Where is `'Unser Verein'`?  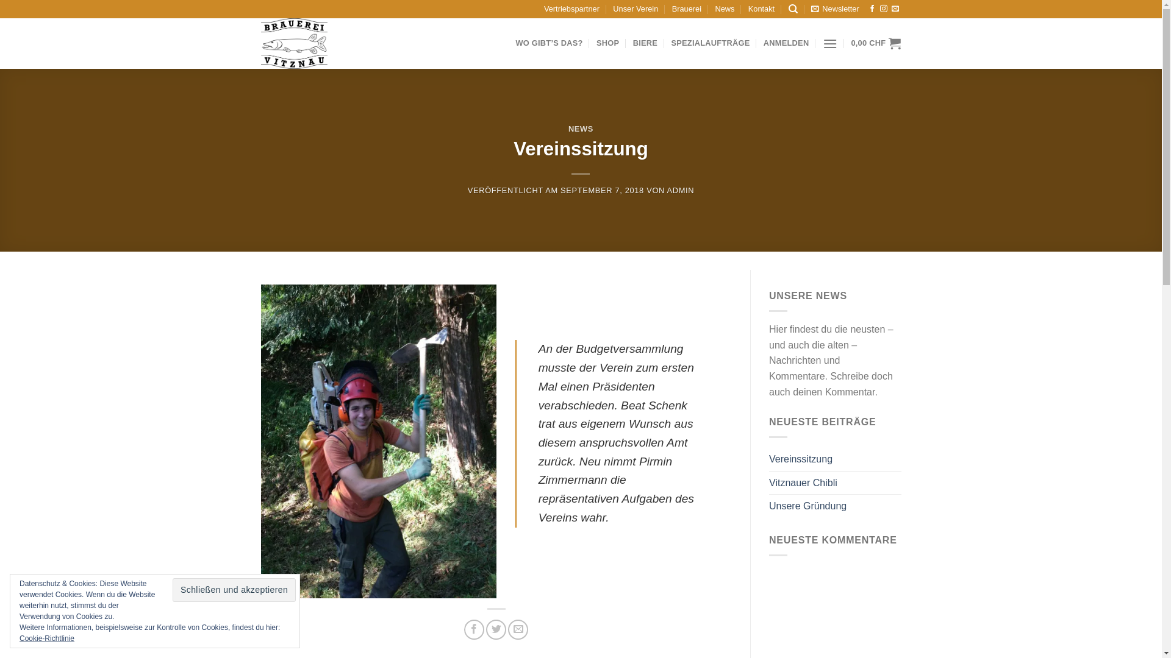
'Unser Verein' is located at coordinates (634, 9).